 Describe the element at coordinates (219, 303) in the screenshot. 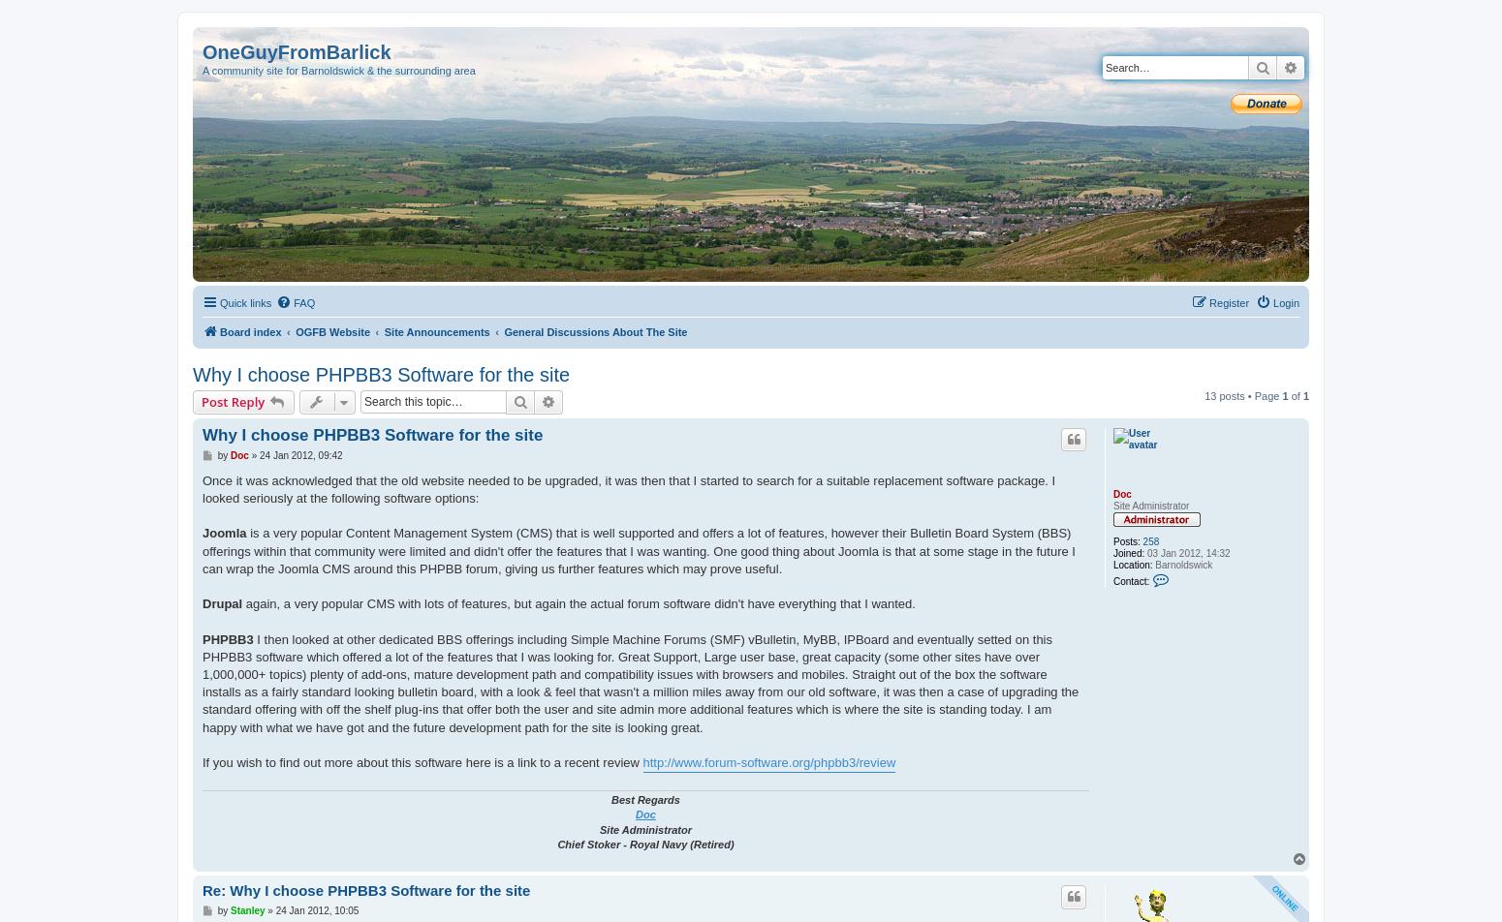

I see `'Quick links'` at that location.